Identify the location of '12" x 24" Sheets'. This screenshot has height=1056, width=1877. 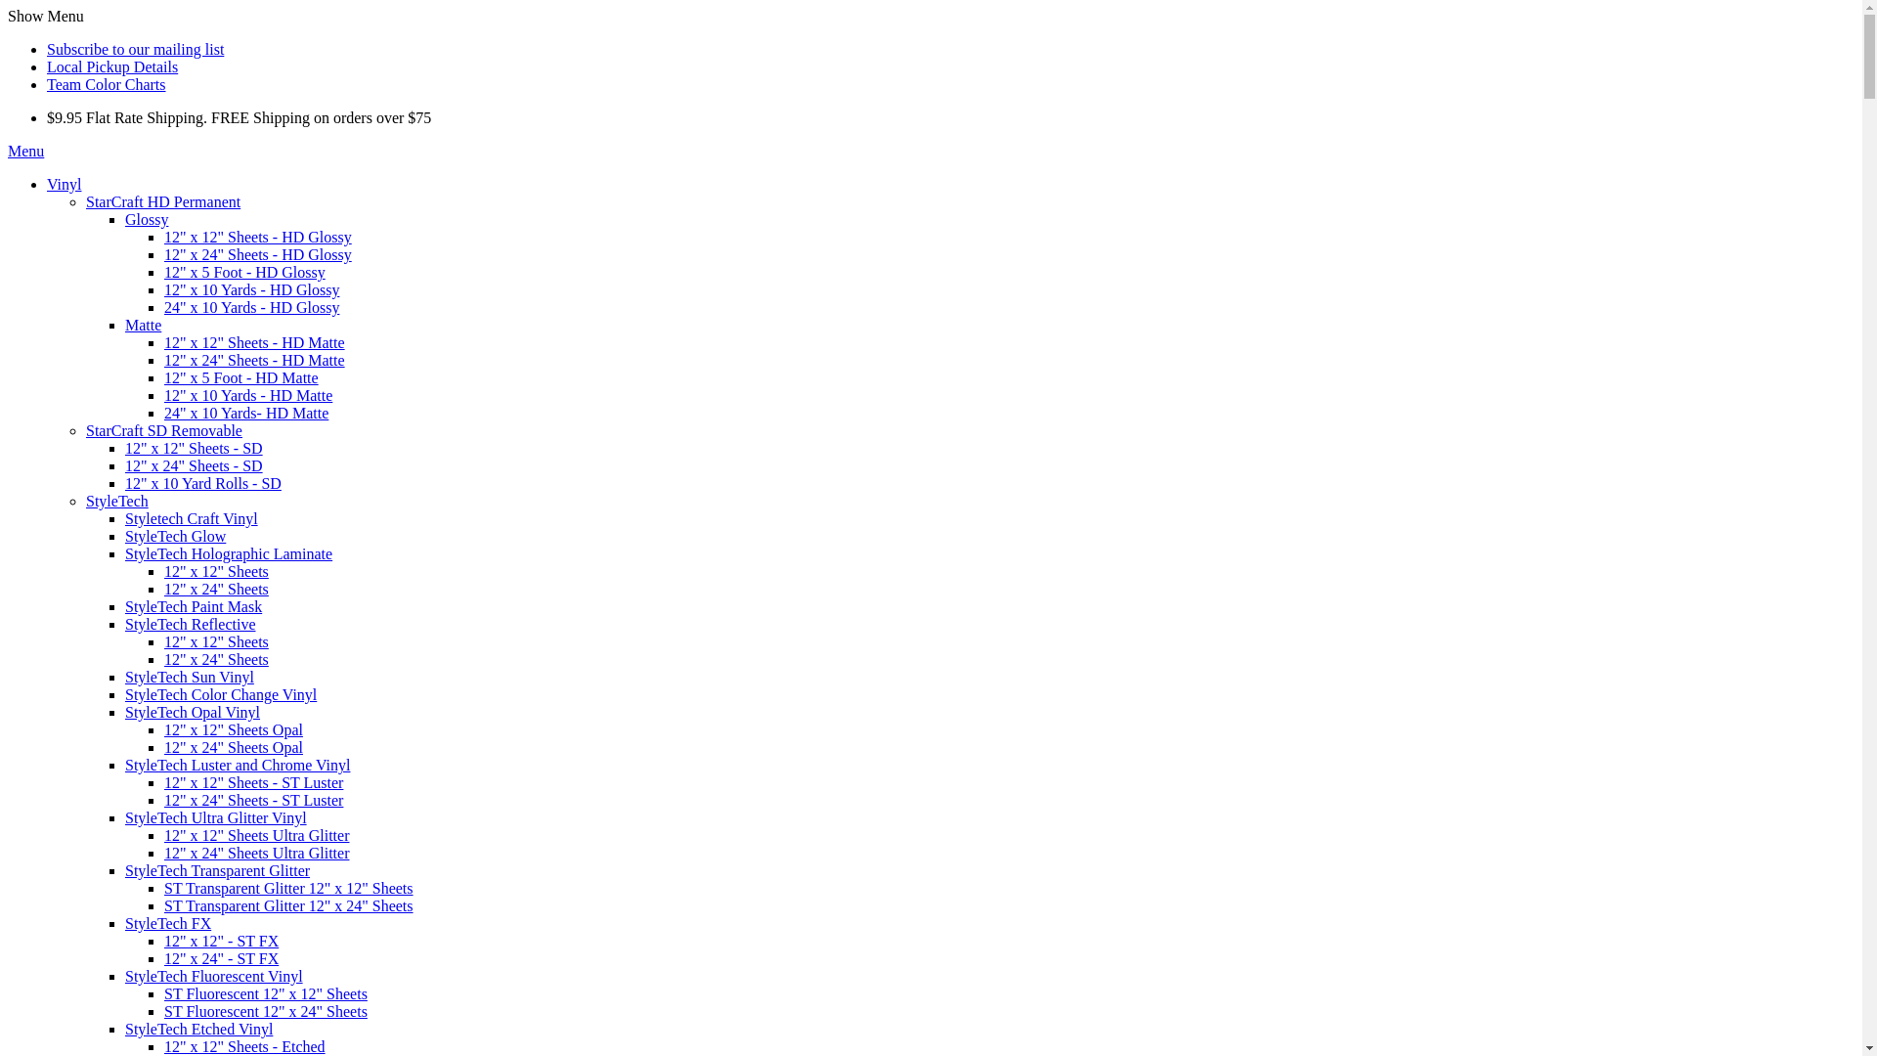
(216, 588).